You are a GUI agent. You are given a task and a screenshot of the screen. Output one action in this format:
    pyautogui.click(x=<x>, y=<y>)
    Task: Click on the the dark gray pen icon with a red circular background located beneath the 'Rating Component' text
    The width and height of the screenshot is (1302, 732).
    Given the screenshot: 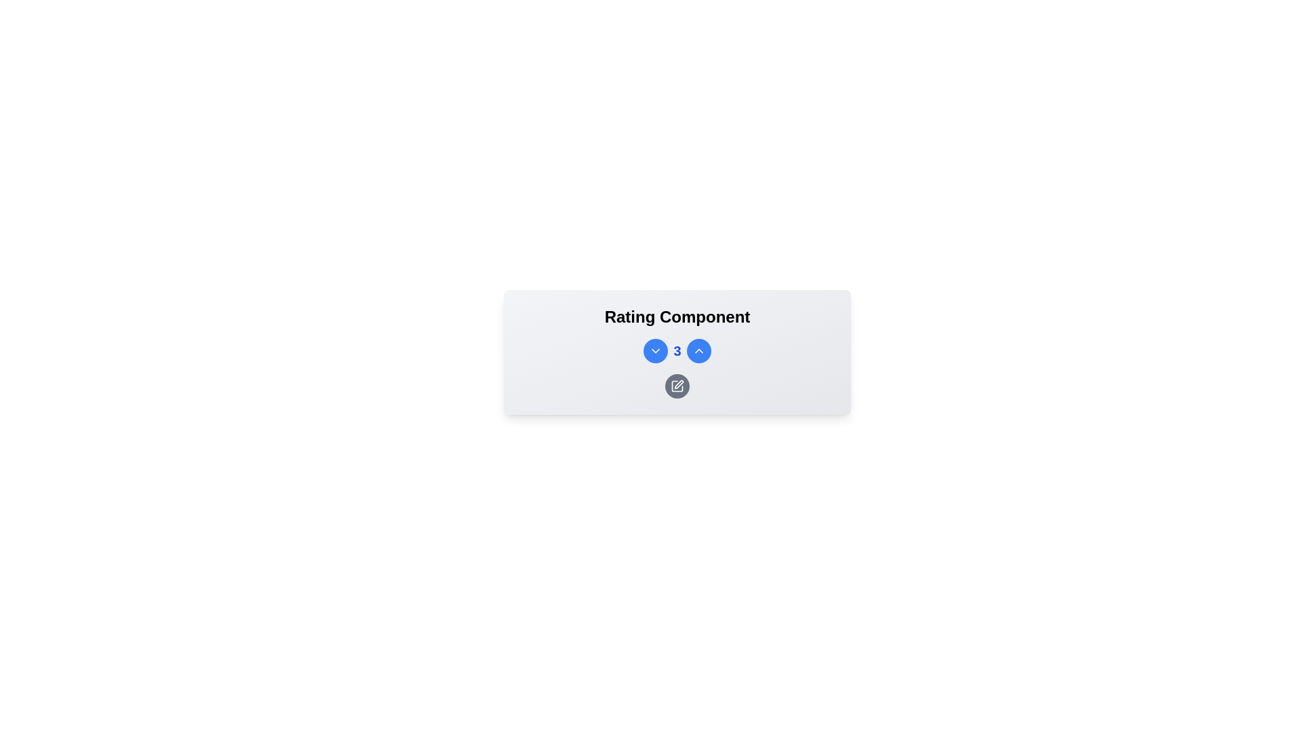 What is the action you would take?
    pyautogui.click(x=677, y=386)
    